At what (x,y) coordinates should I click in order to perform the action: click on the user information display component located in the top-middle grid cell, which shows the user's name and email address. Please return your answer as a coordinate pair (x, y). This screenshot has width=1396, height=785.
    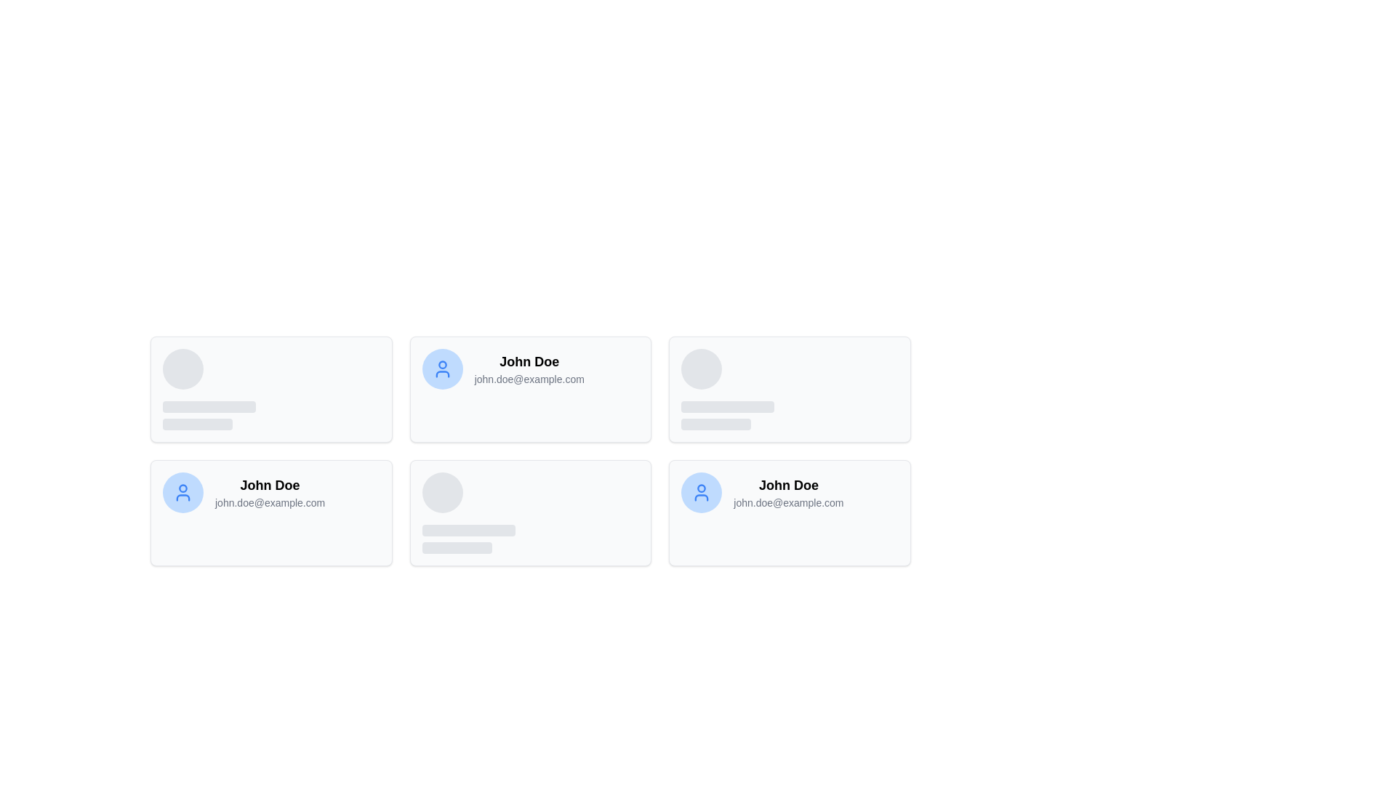
    Looking at the image, I should click on (529, 369).